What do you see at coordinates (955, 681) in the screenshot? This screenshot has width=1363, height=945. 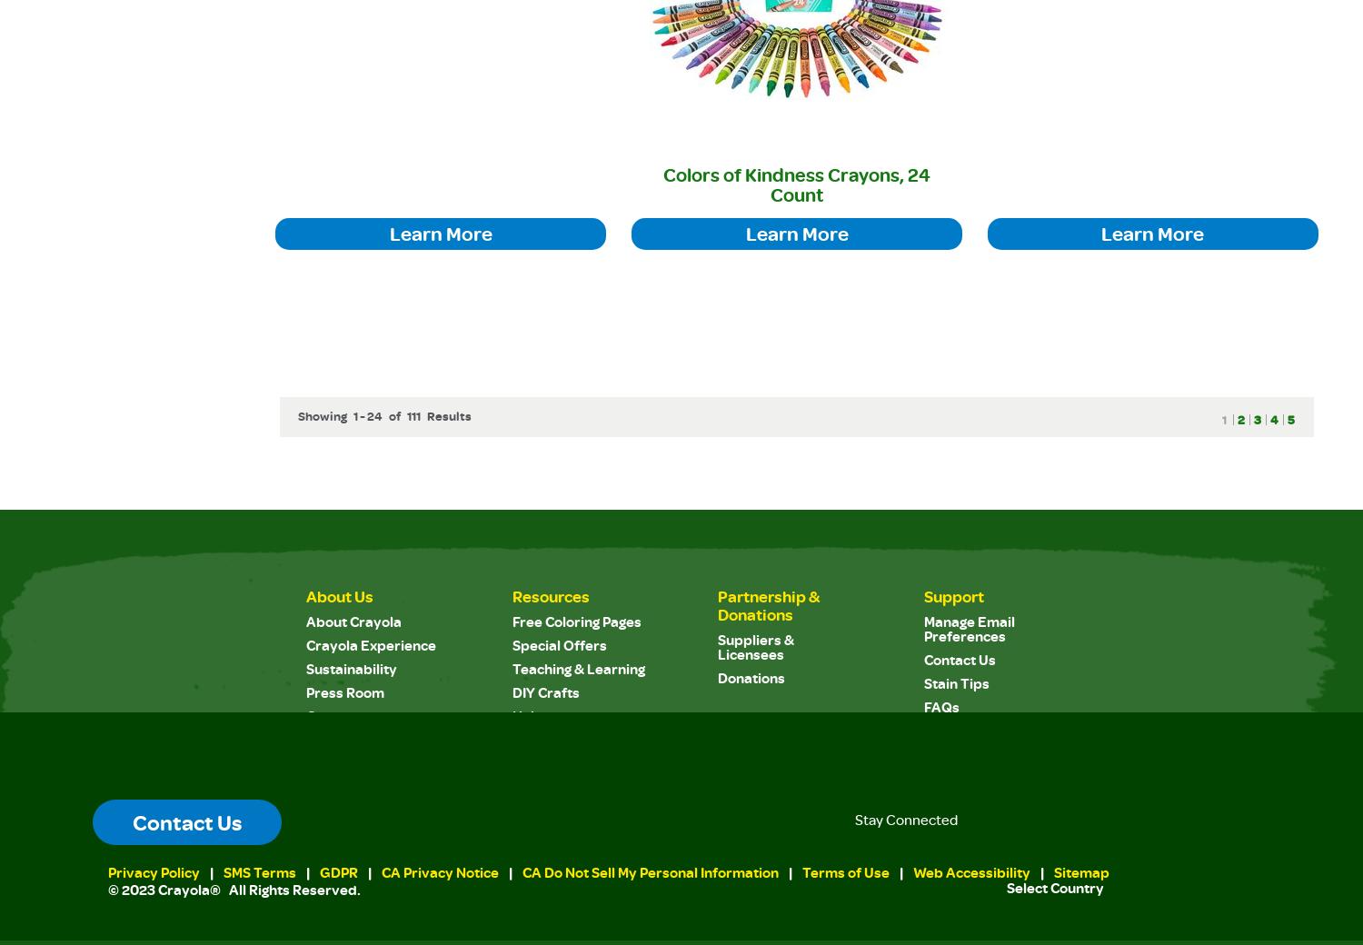 I see `'Stain Tips'` at bounding box center [955, 681].